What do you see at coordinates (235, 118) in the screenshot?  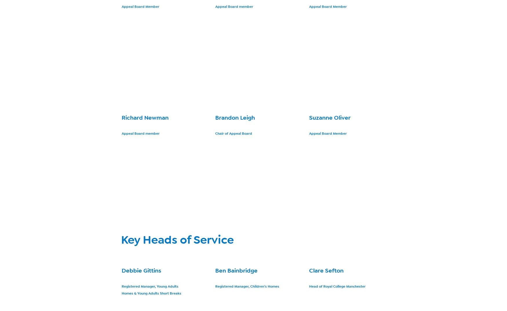 I see `'Brandon Leigh'` at bounding box center [235, 118].